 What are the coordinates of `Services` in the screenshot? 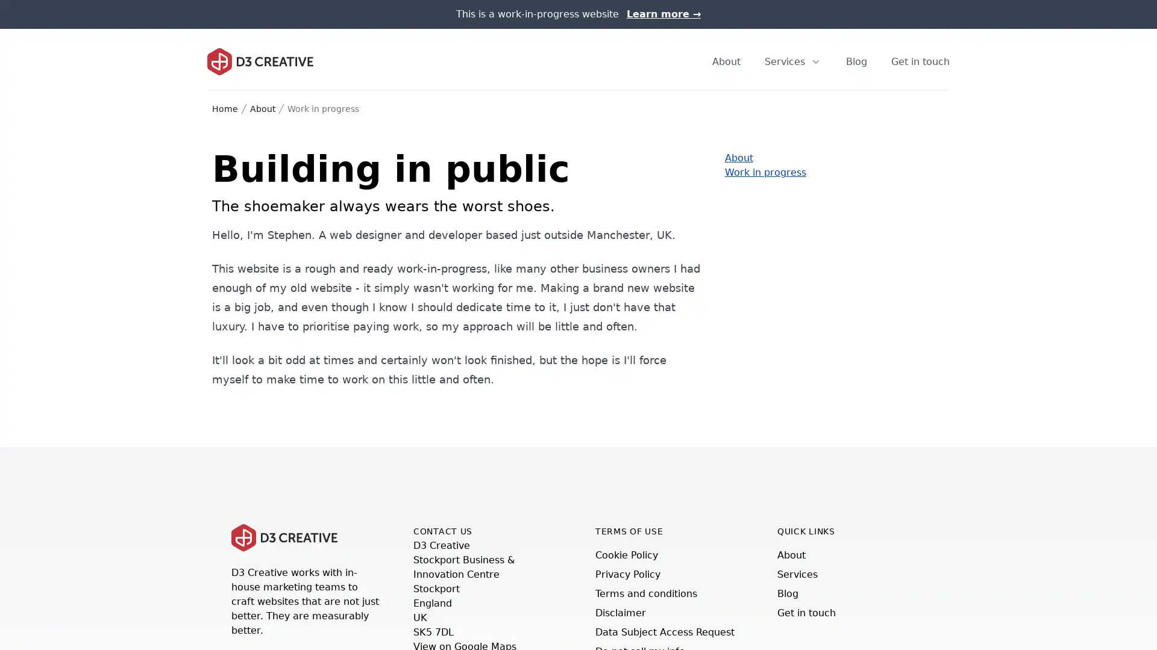 It's located at (793, 61).